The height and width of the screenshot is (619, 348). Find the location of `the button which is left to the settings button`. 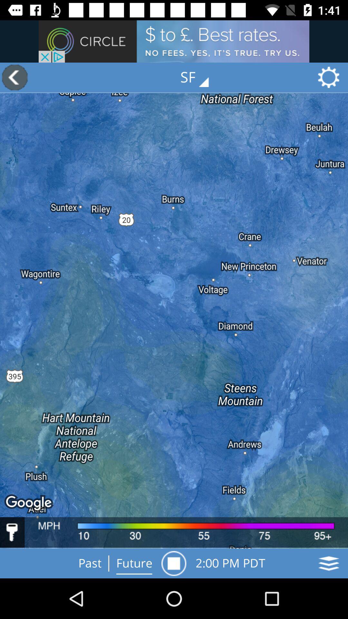

the button which is left to the settings button is located at coordinates (199, 77).